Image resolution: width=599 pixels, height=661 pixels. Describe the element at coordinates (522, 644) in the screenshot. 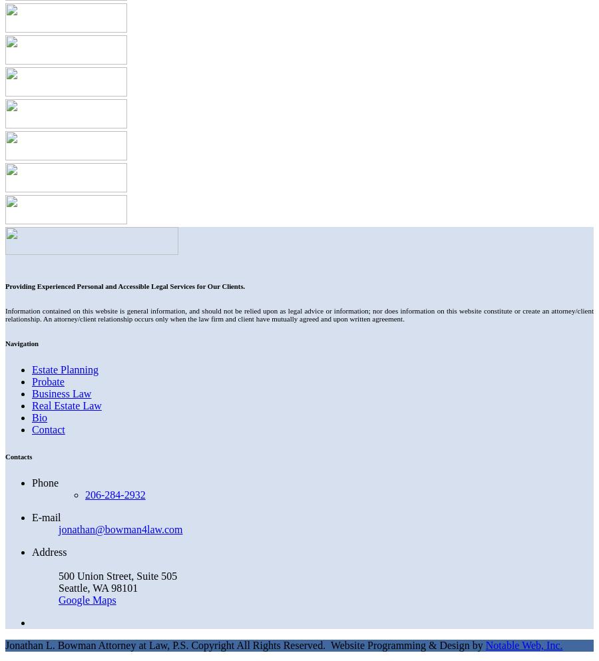

I see `'Notable Web, Inc.'` at that location.